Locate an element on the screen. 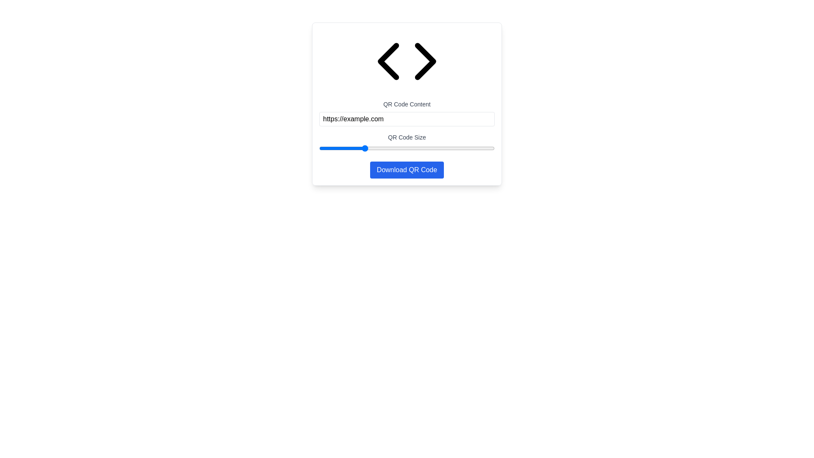 The width and height of the screenshot is (814, 458). the QR code size is located at coordinates (319, 148).